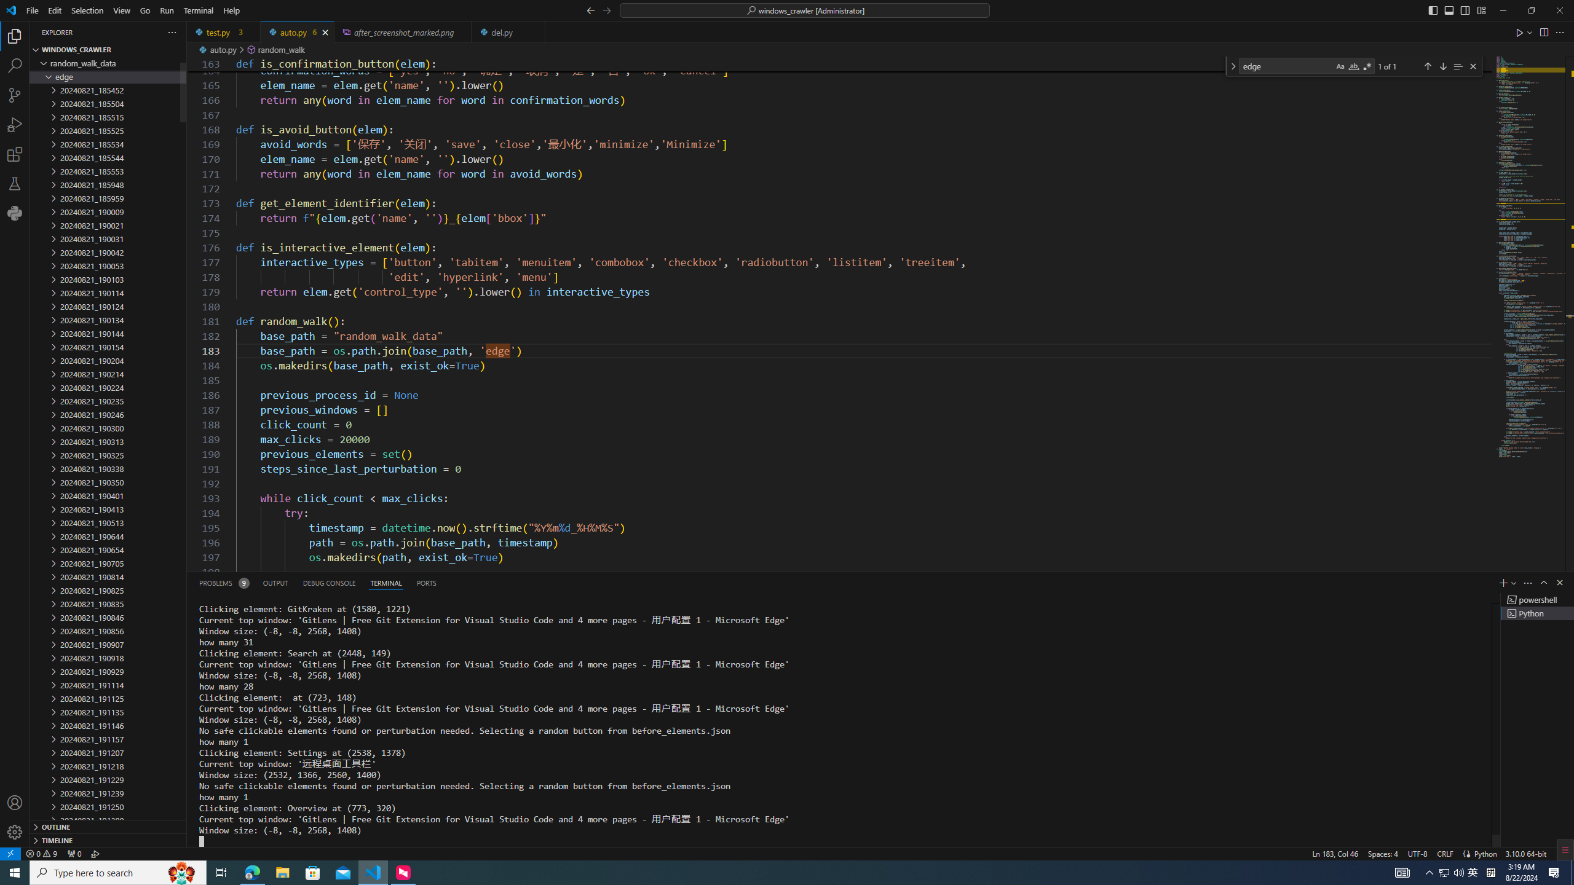 The width and height of the screenshot is (1574, 885). What do you see at coordinates (55, 10) in the screenshot?
I see `'Edit'` at bounding box center [55, 10].